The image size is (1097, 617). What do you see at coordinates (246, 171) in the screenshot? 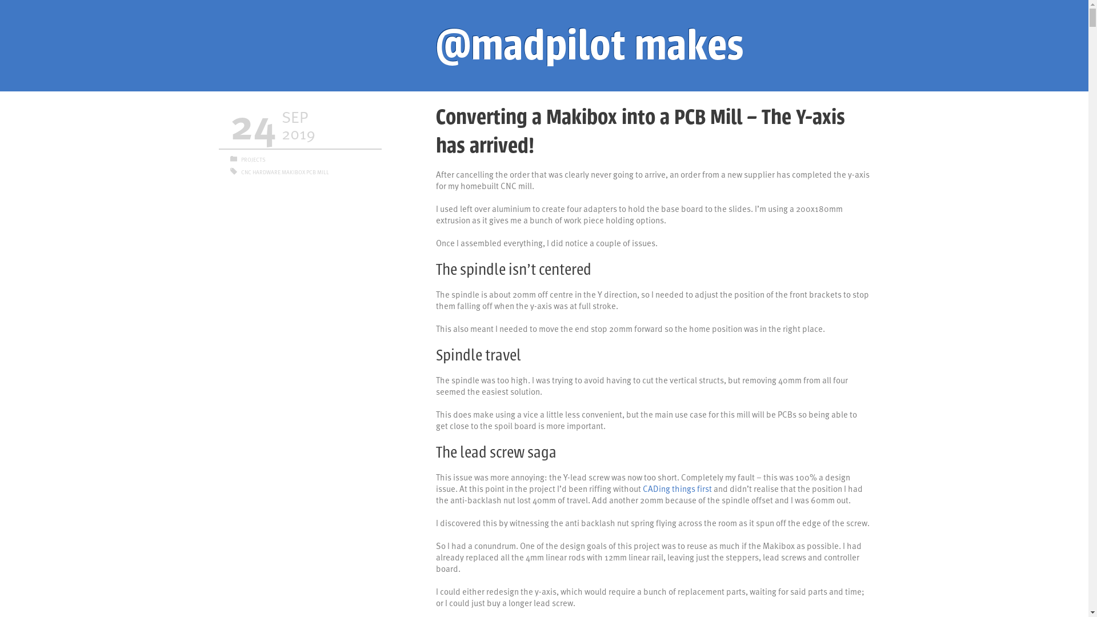
I see `'CNC'` at bounding box center [246, 171].